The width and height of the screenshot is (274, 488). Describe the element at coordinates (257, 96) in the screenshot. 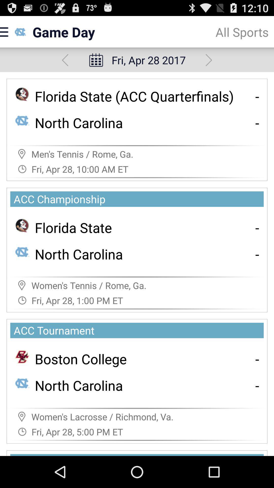

I see `the app next to the florida state acc app` at that location.